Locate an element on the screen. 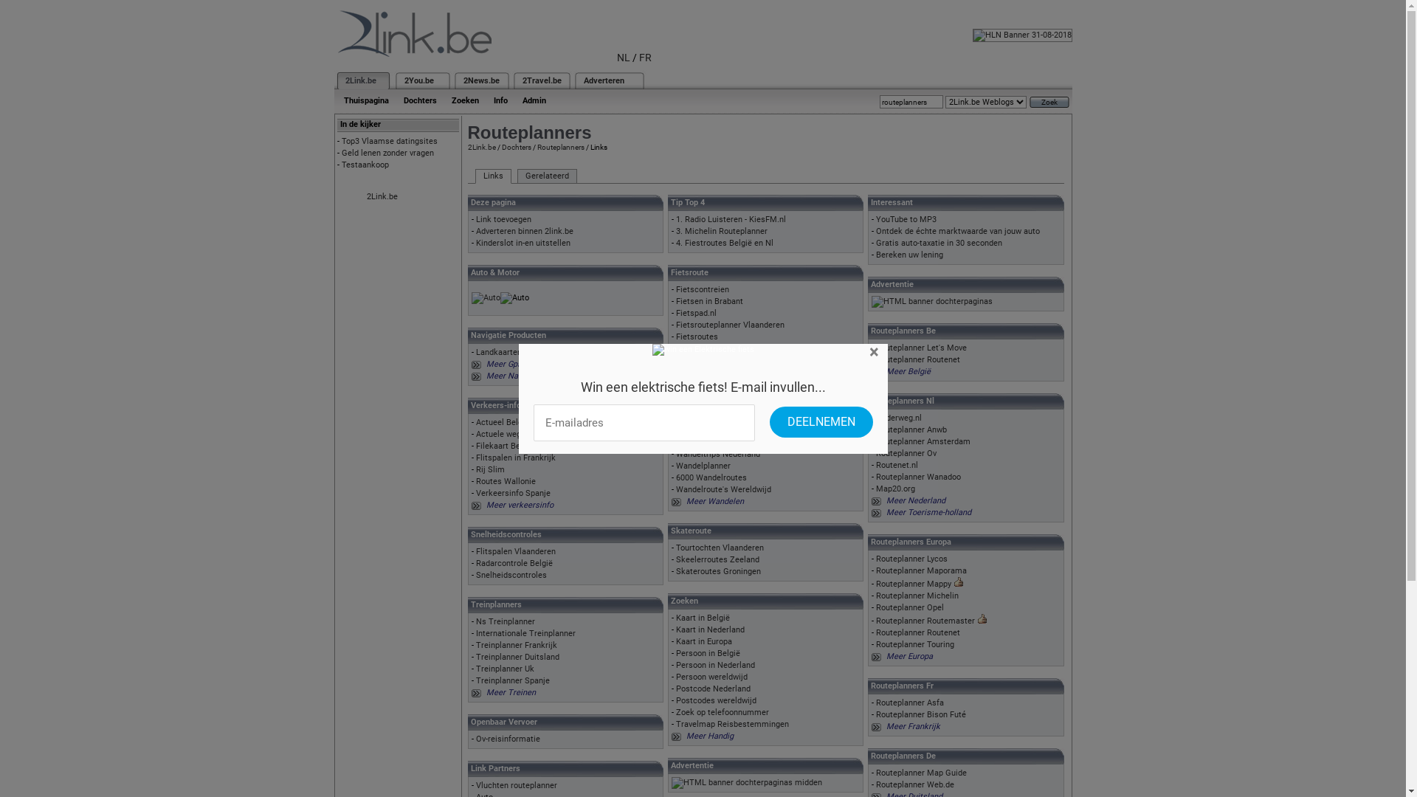 This screenshot has width=1417, height=797. 'Routeplanner Opel' is located at coordinates (909, 607).